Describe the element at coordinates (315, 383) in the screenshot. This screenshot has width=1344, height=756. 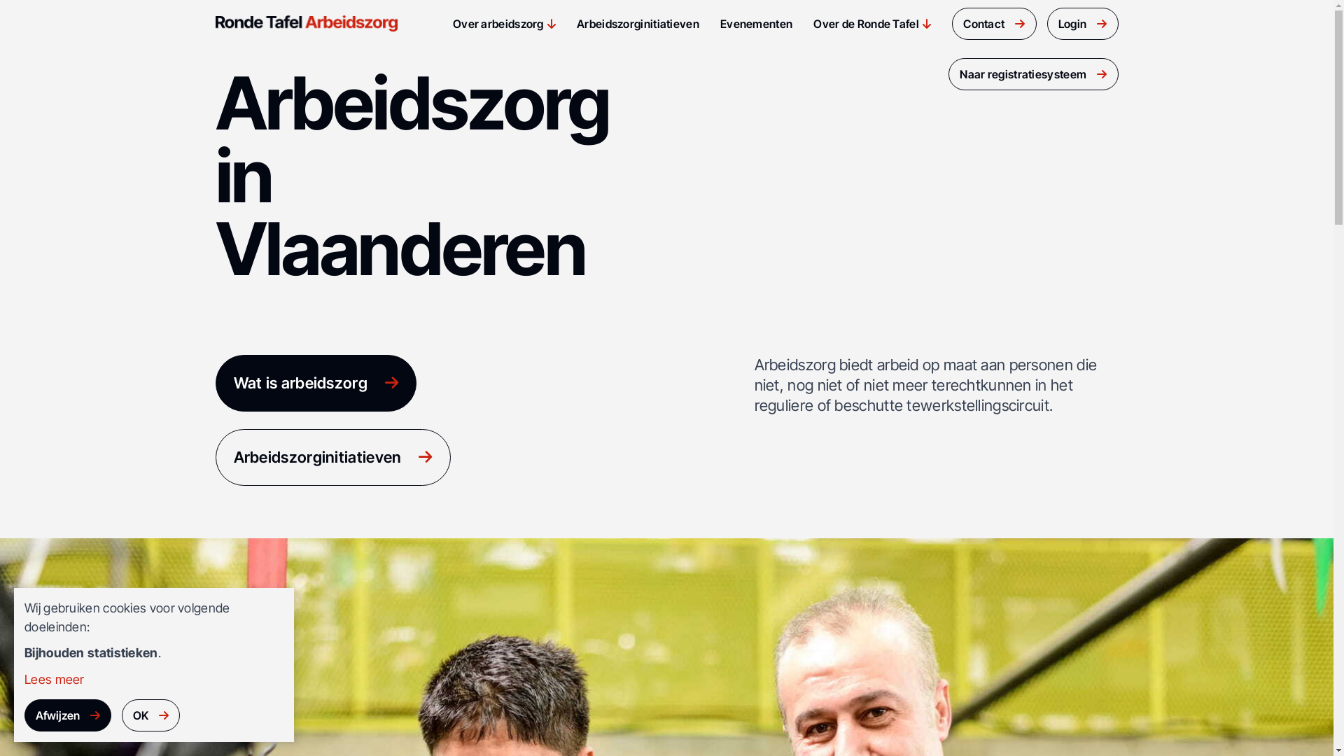
I see `'Wat is arbeidszorg'` at that location.